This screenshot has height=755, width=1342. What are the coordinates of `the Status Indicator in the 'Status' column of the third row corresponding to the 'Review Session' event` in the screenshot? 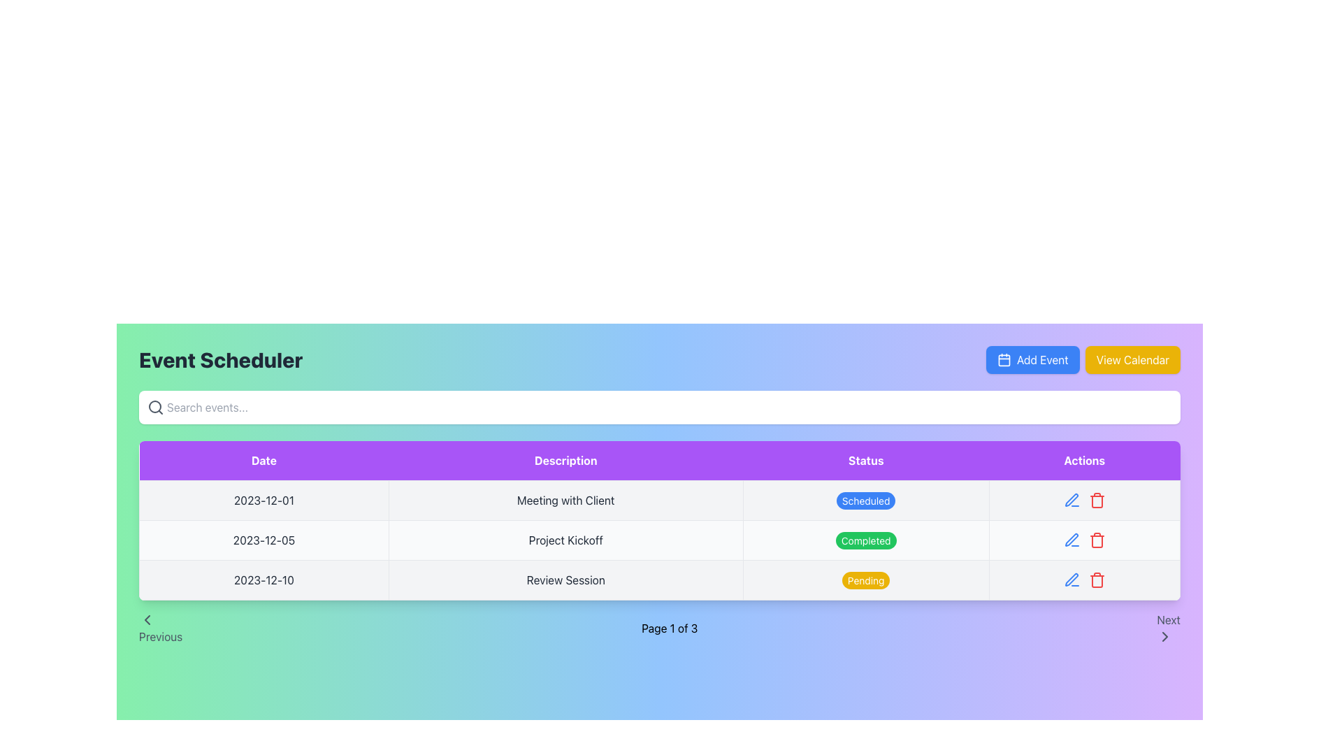 It's located at (865, 580).